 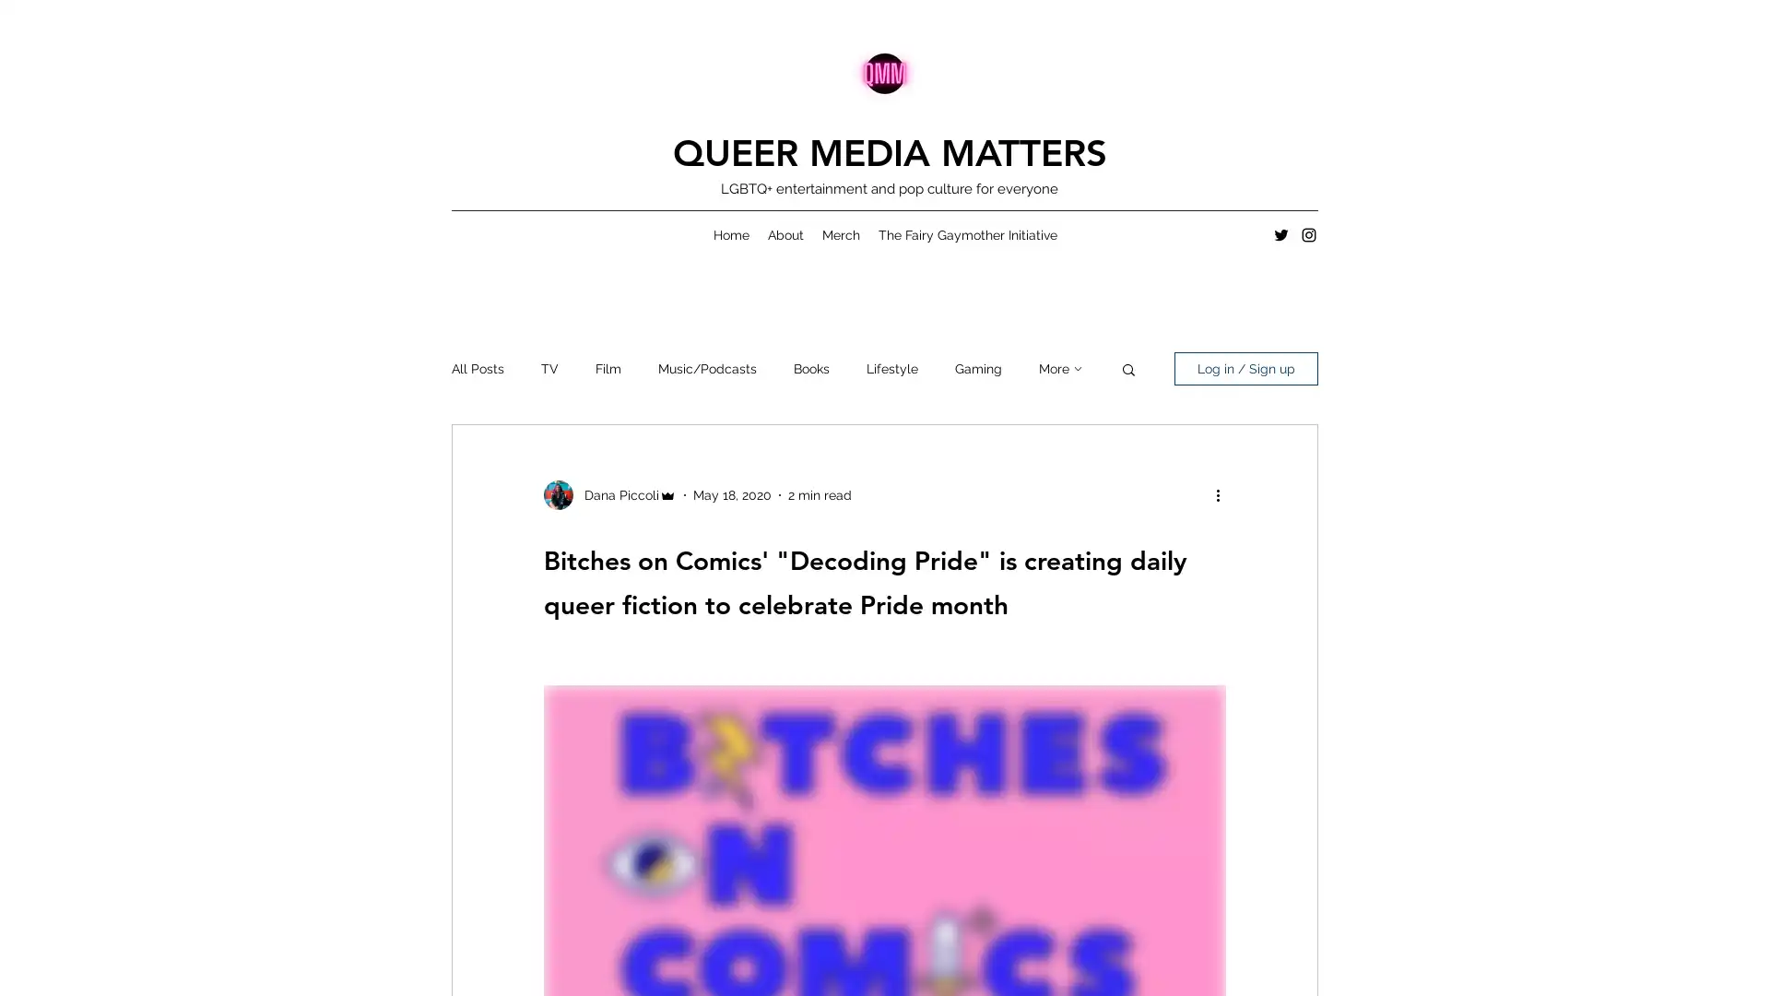 I want to click on Search, so click(x=1127, y=371).